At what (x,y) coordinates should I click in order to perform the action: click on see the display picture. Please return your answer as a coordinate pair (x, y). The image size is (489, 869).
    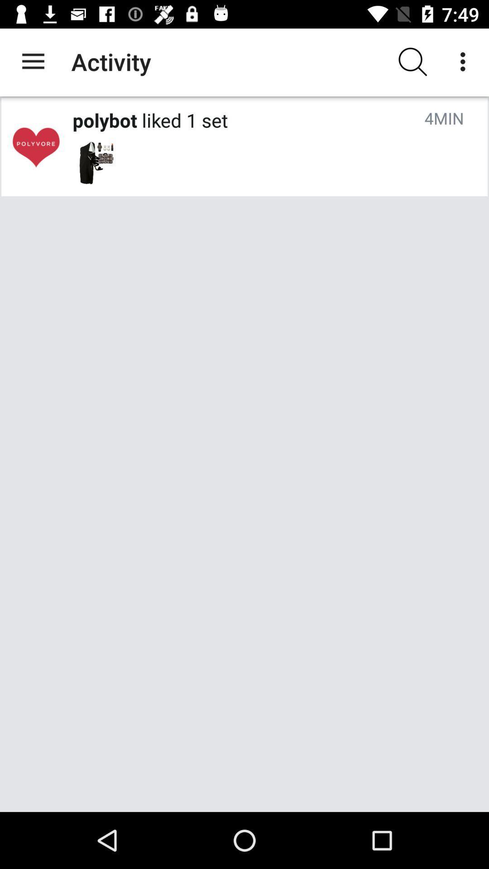
    Looking at the image, I should click on (35, 147).